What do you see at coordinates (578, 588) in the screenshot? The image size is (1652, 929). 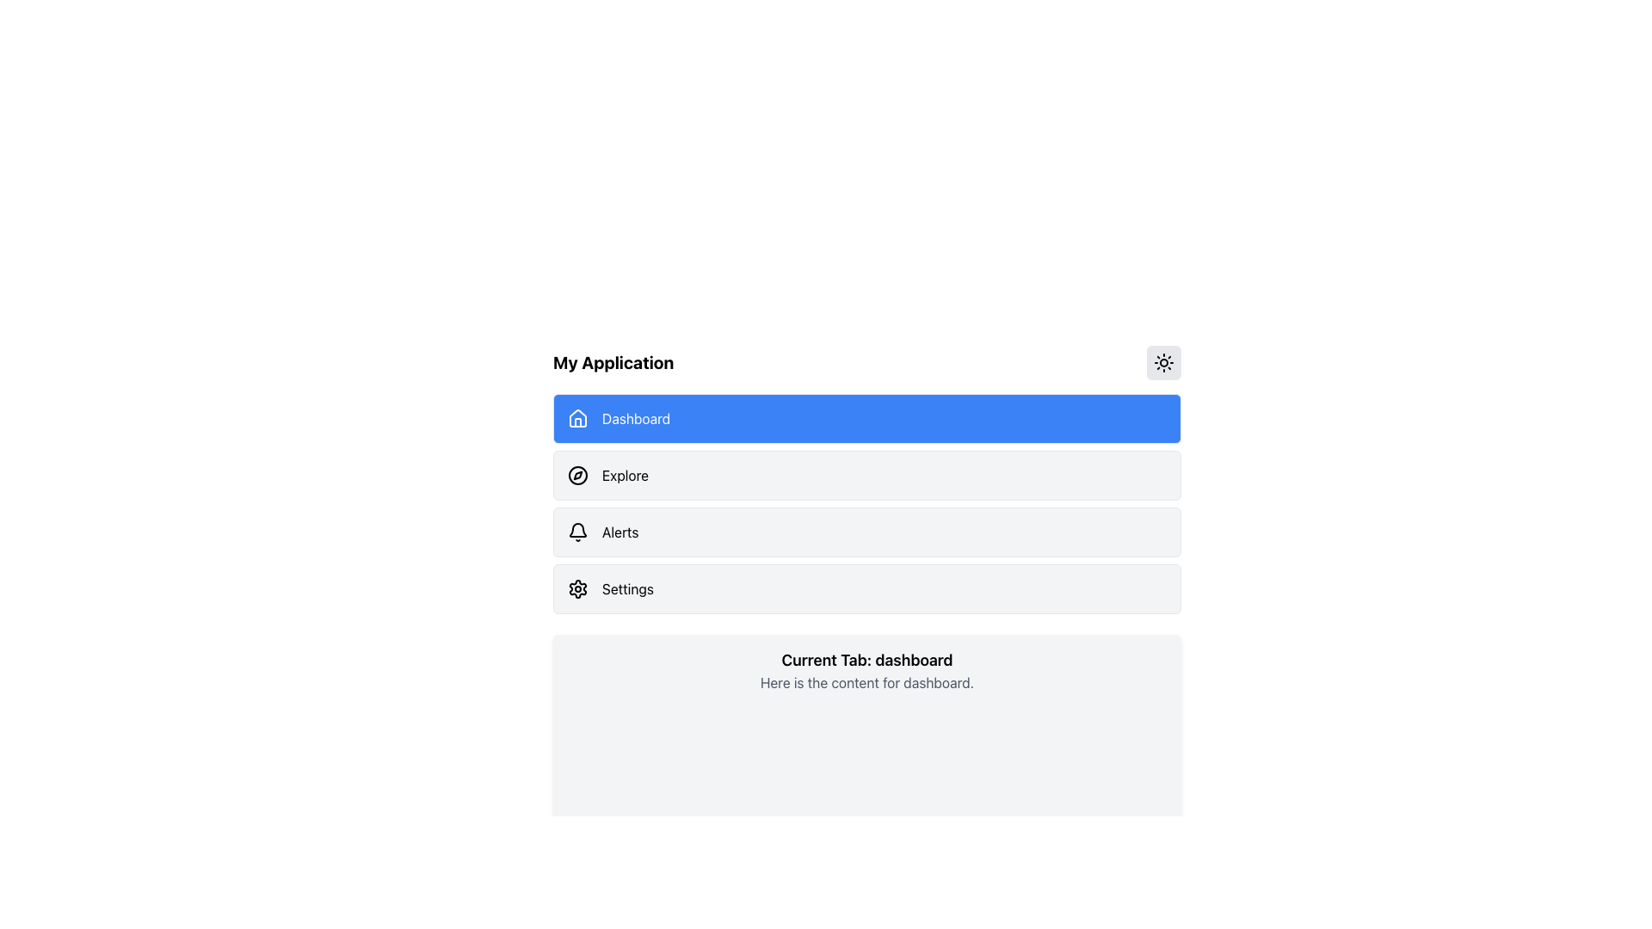 I see `the gear icon located at the top-right corner of the header bar to potentially view a tooltip or highlight the icon` at bounding box center [578, 588].